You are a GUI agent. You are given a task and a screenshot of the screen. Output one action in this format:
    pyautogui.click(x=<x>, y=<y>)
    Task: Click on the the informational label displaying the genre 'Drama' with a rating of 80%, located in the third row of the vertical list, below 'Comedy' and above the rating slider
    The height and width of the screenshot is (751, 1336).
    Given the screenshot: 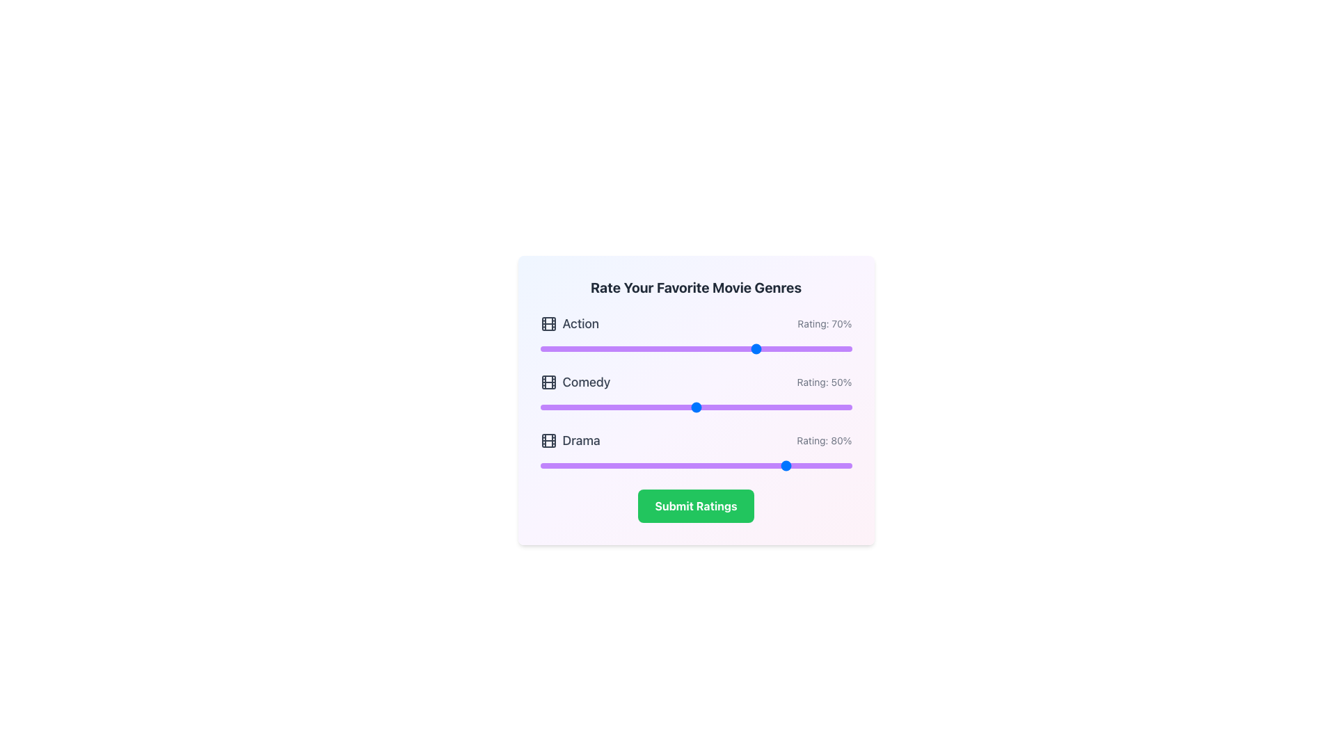 What is the action you would take?
    pyautogui.click(x=696, y=440)
    